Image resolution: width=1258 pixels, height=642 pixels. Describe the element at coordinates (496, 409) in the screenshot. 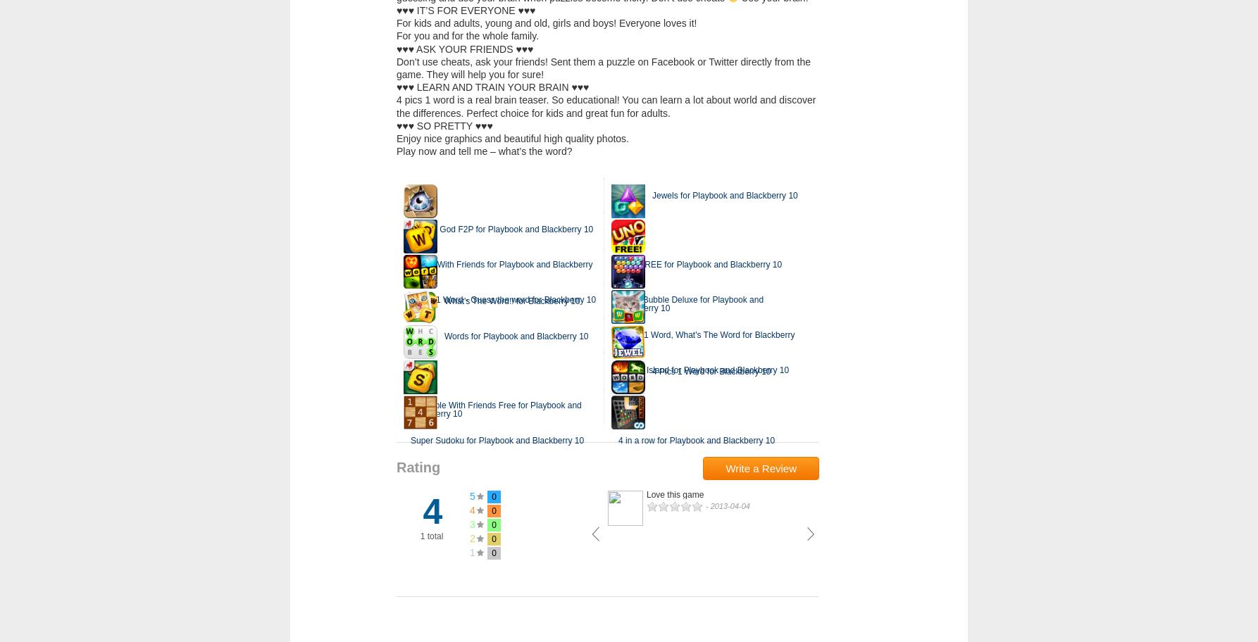

I see `'Scramble With Friends Free for  Playbook and Blackberry 10'` at that location.